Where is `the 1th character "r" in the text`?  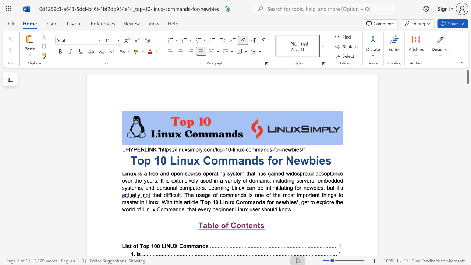
the 1th character "r" in the text is located at coordinates (279, 149).